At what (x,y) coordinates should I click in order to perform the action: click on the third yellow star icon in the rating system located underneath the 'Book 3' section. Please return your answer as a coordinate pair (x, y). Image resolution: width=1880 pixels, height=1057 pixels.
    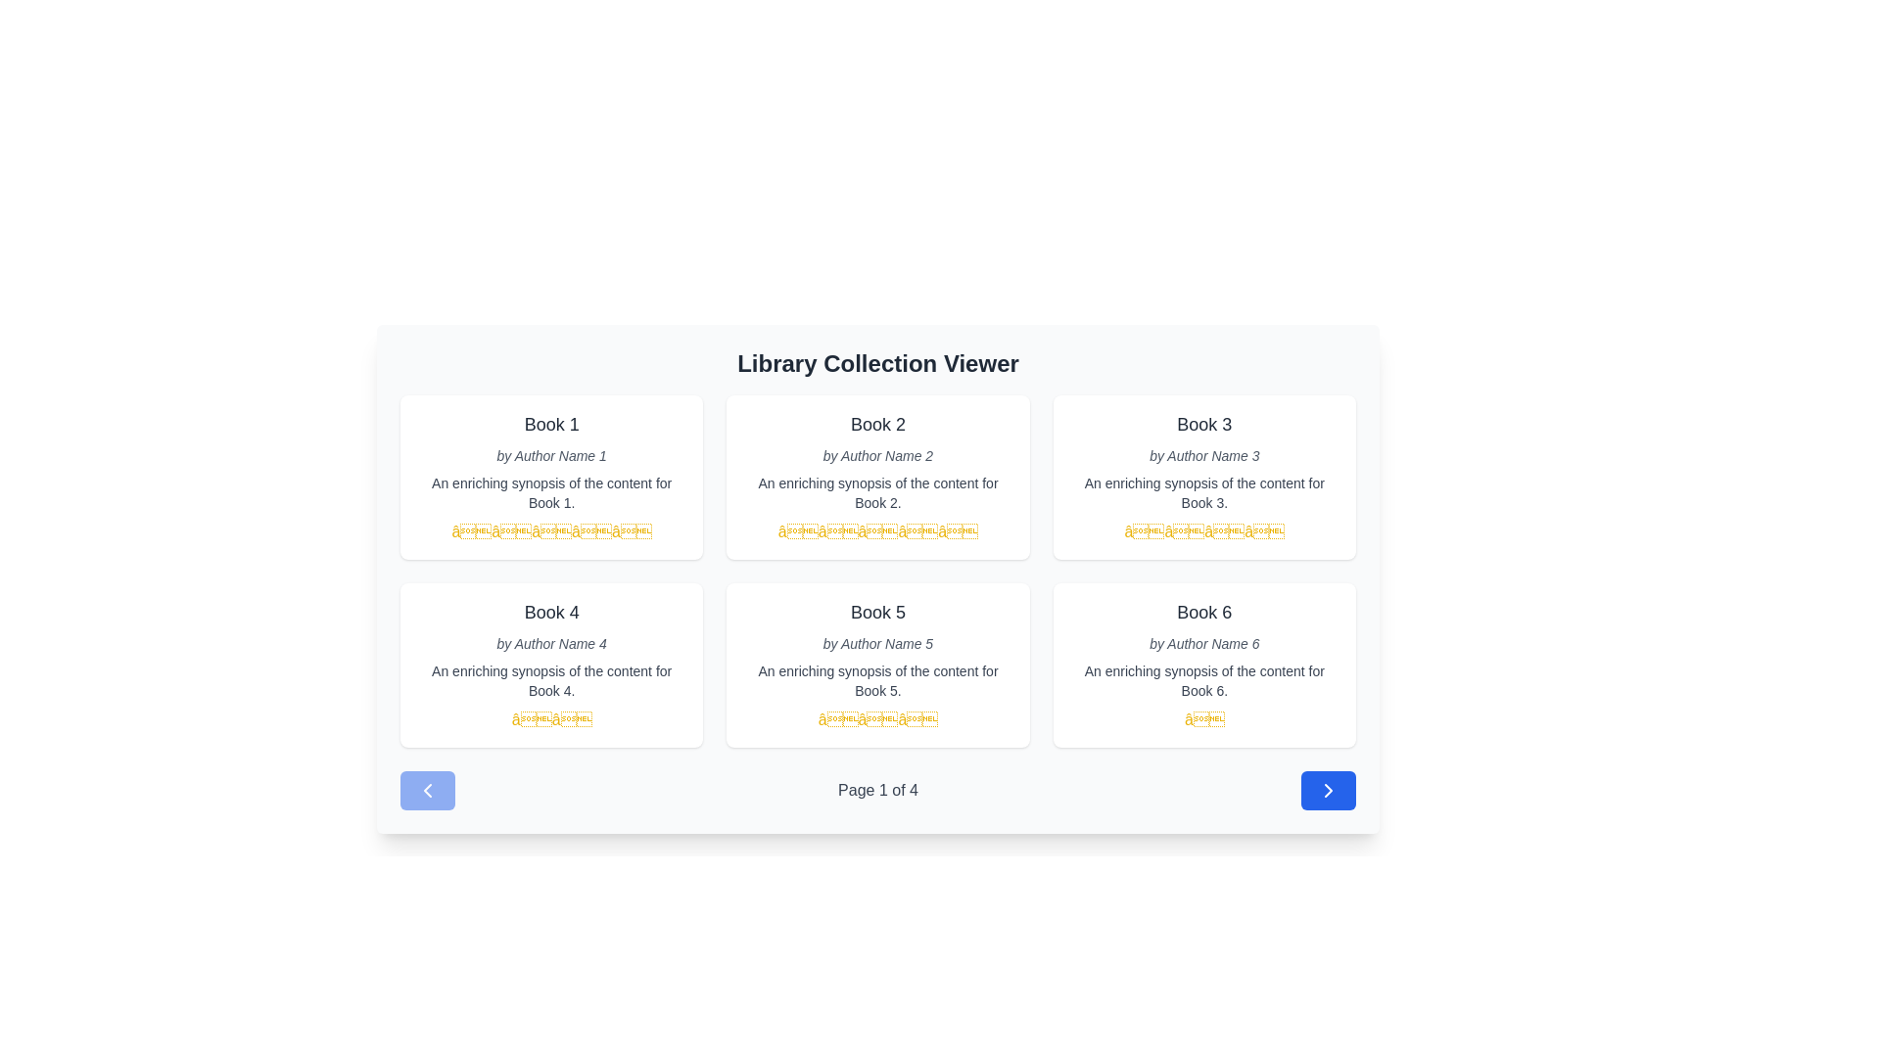
    Looking at the image, I should click on (1223, 531).